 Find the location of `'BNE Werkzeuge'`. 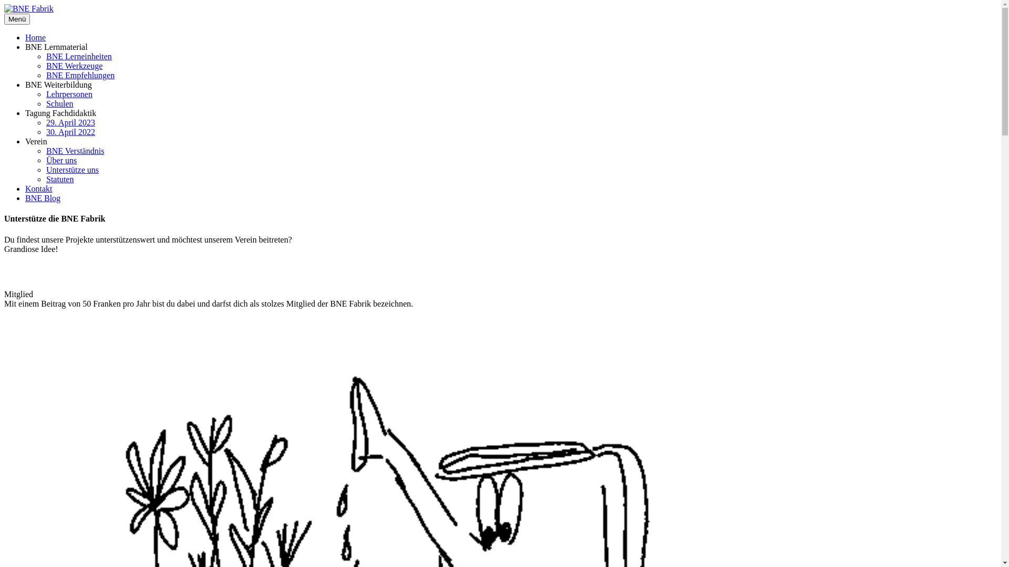

'BNE Werkzeuge' is located at coordinates (74, 66).